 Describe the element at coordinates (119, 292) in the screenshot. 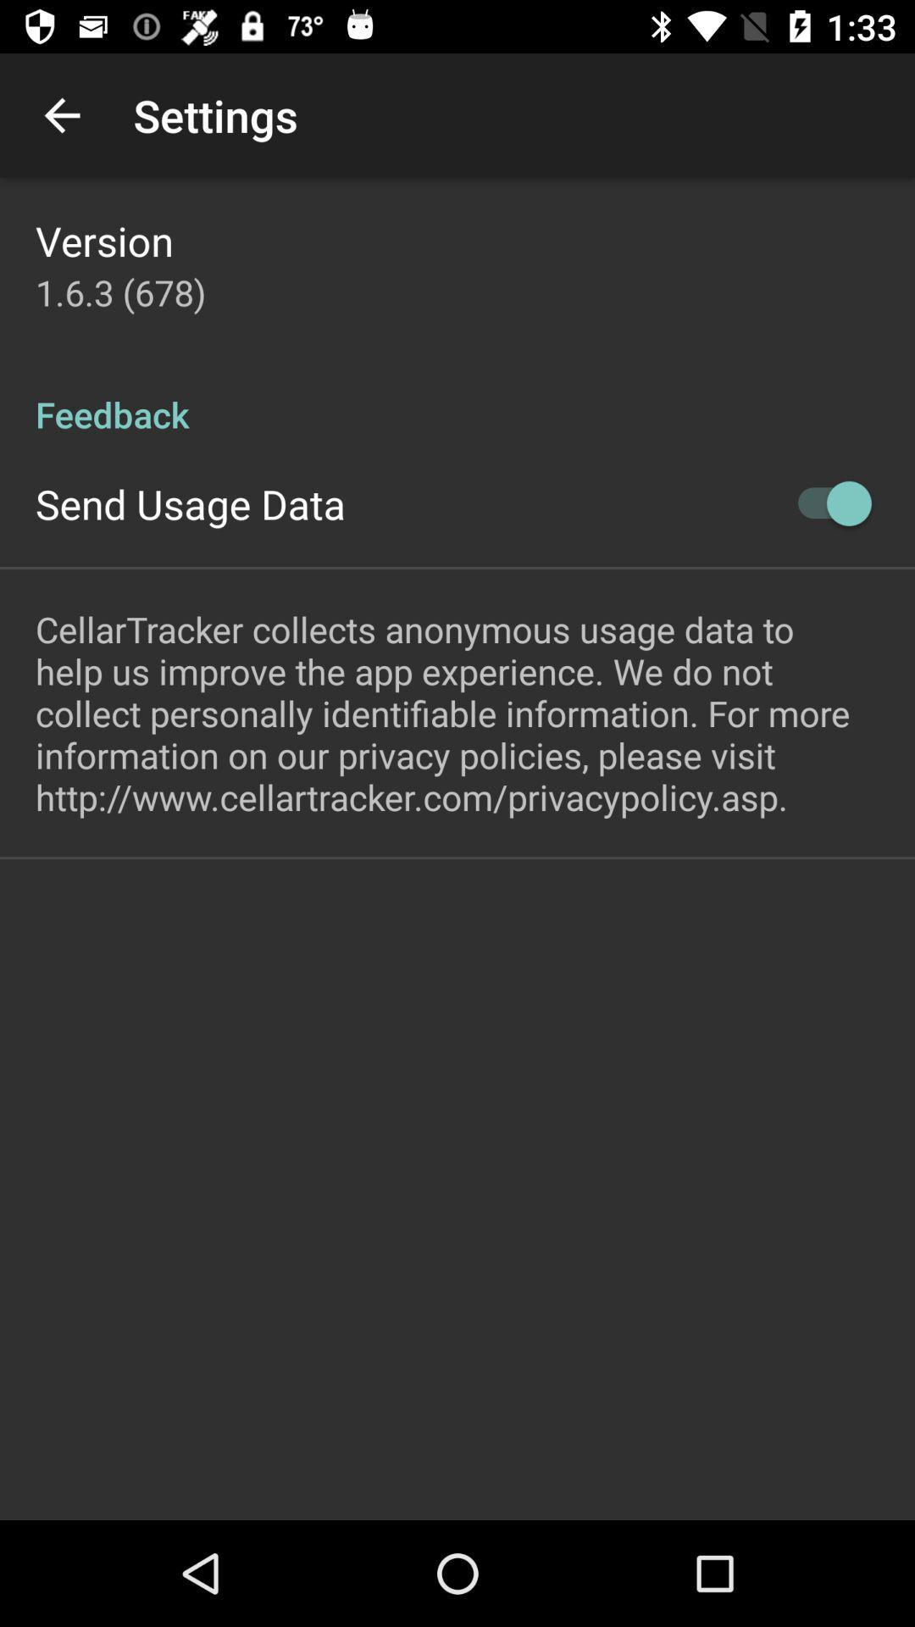

I see `icon above the feedback item` at that location.